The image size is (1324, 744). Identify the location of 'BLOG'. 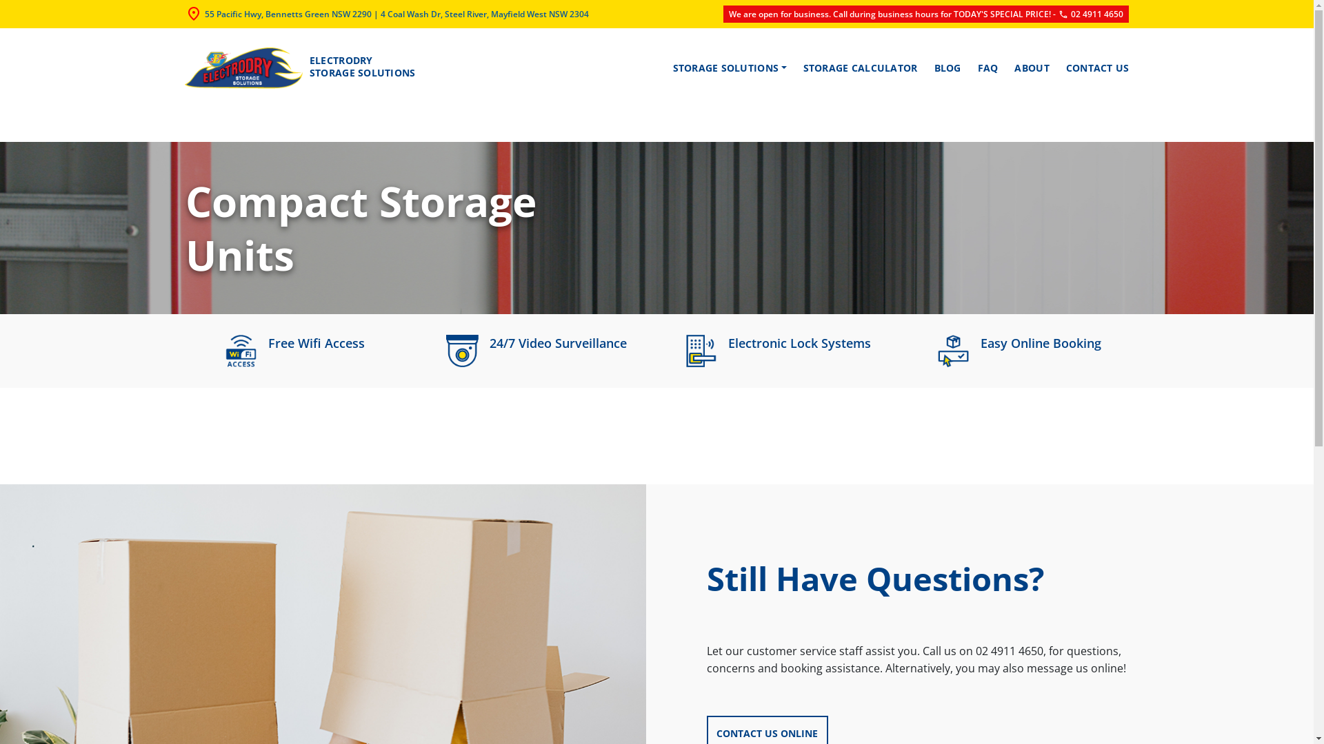
(947, 68).